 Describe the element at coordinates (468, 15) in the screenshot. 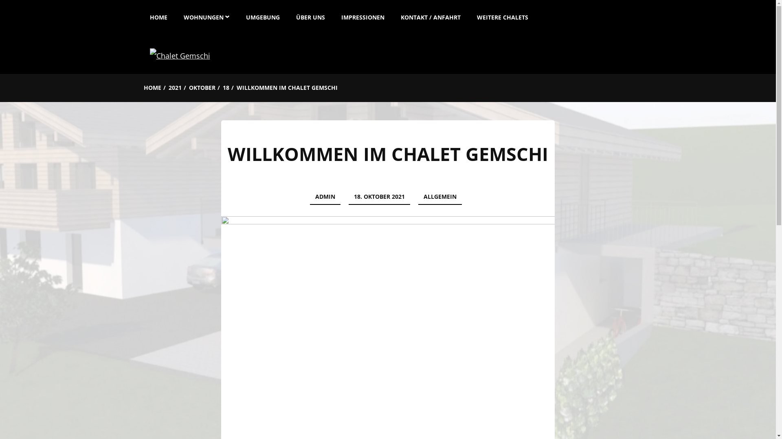

I see `'WEITERE CHALETS'` at that location.